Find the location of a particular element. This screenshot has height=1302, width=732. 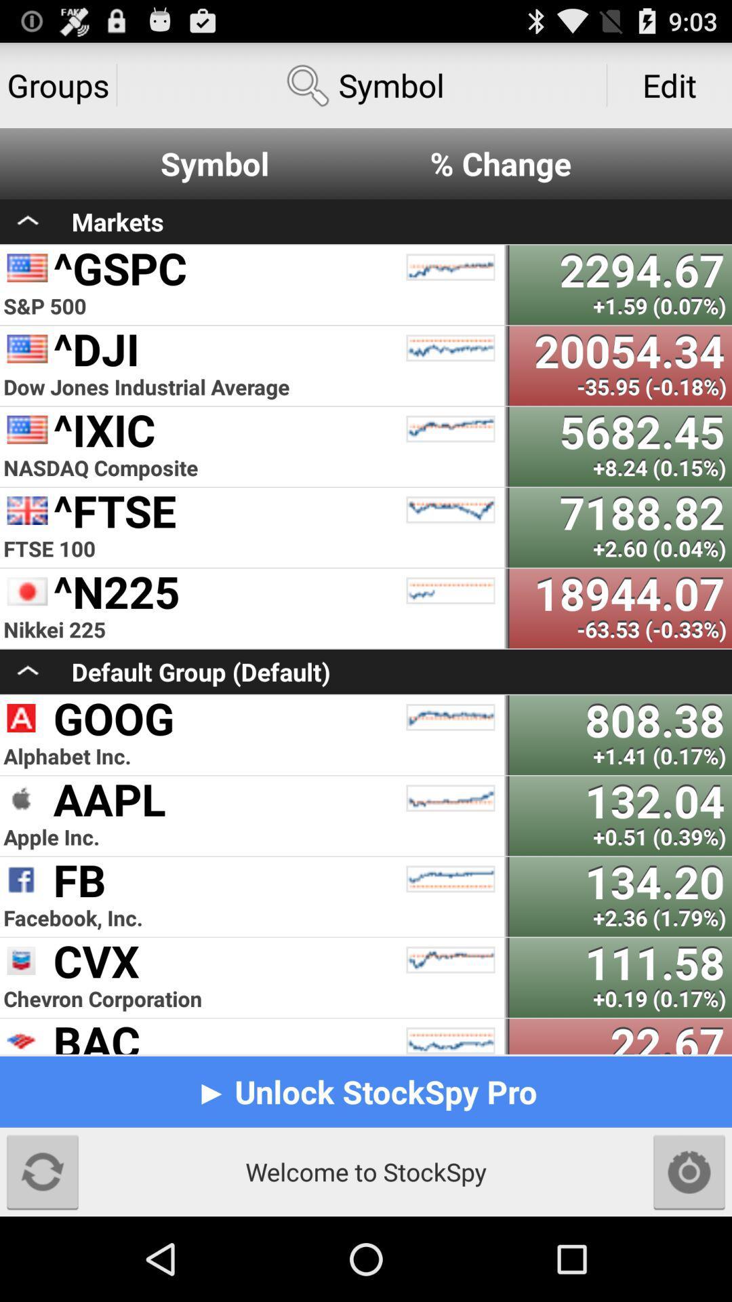

lock option is located at coordinates (689, 1171).